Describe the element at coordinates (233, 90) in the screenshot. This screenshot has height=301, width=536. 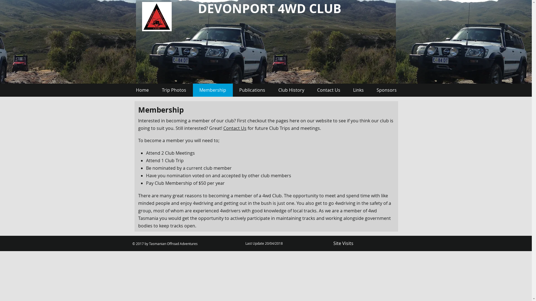
I see `'Publications'` at that location.